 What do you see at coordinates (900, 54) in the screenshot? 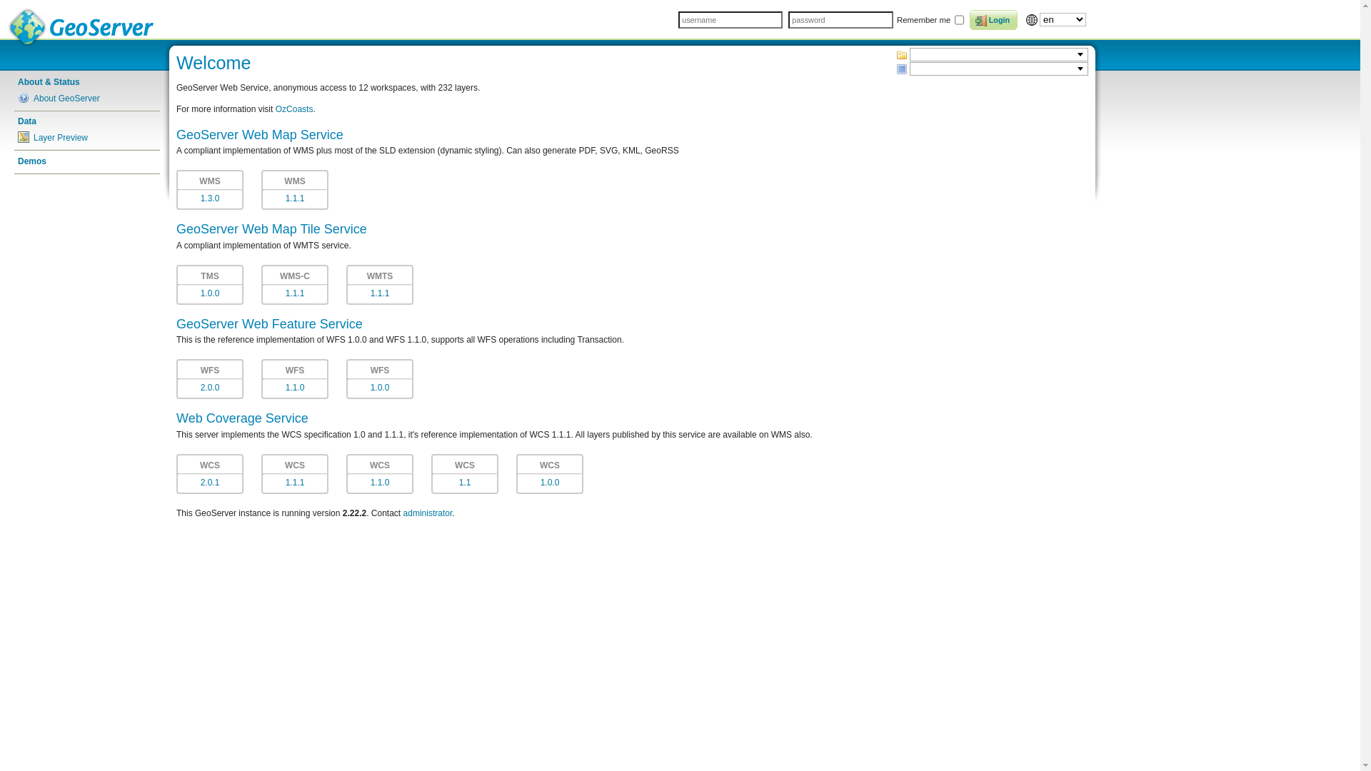
I see `'Workspace'` at bounding box center [900, 54].